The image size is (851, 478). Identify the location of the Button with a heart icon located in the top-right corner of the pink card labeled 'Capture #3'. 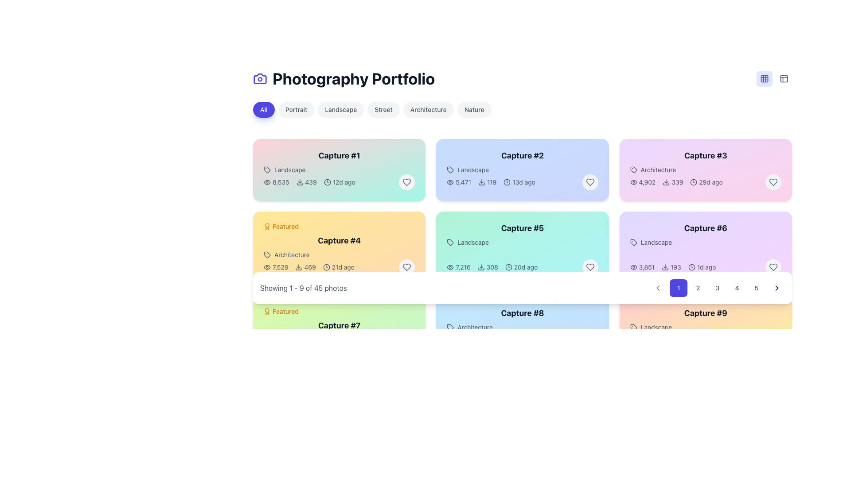
(773, 182).